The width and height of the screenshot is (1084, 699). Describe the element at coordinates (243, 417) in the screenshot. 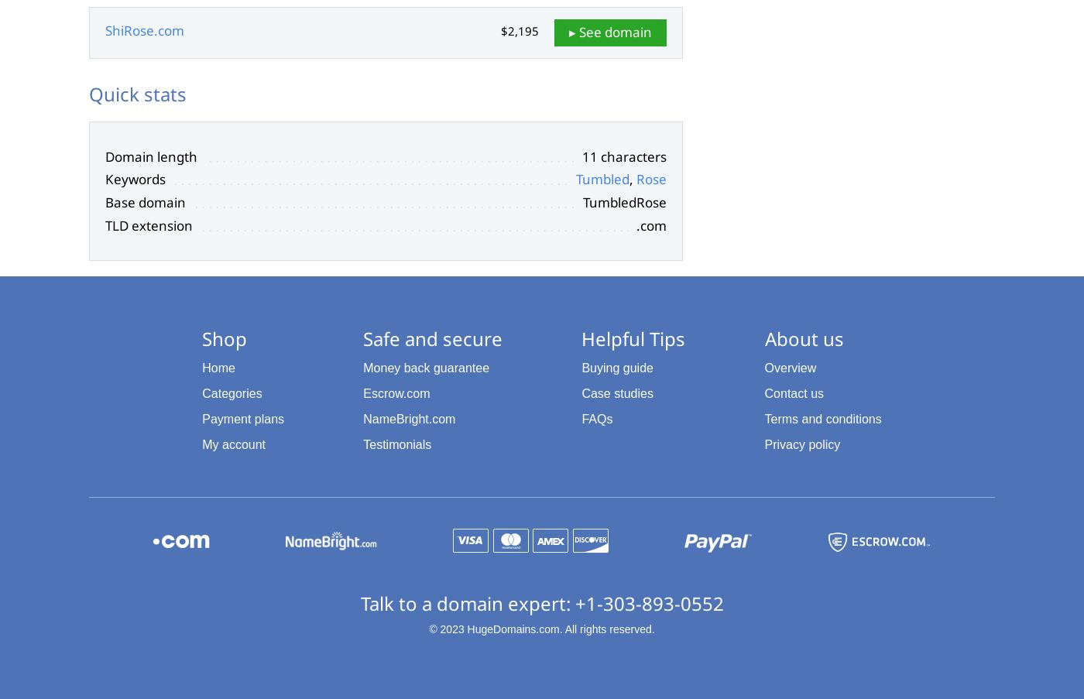

I see `'Payment plans'` at that location.